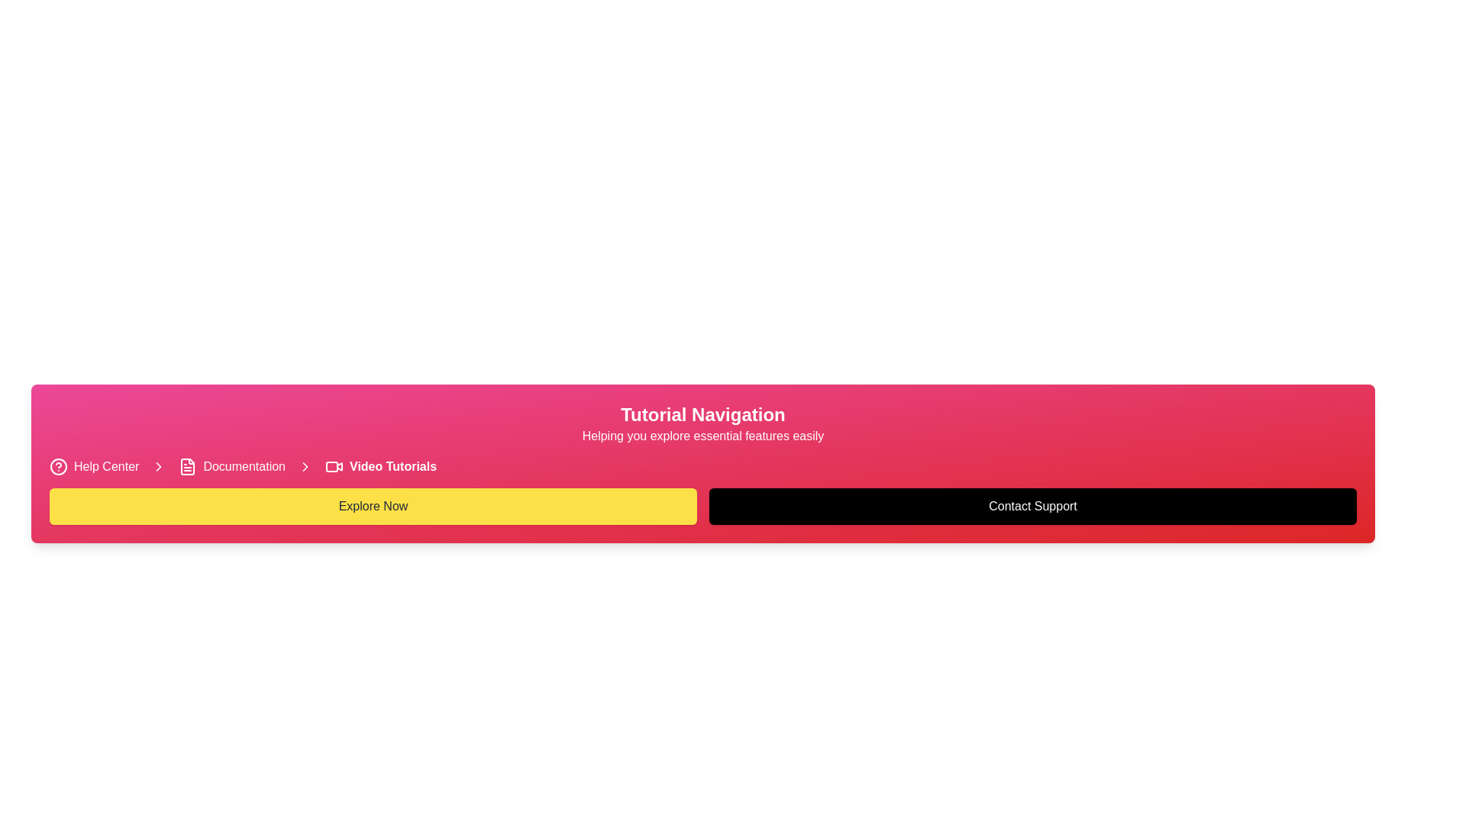  Describe the element at coordinates (393, 466) in the screenshot. I see `the text label displaying 'Video Tutorials', which is bold and white on a pink background, located in the breadcrumb navigation bar` at that location.